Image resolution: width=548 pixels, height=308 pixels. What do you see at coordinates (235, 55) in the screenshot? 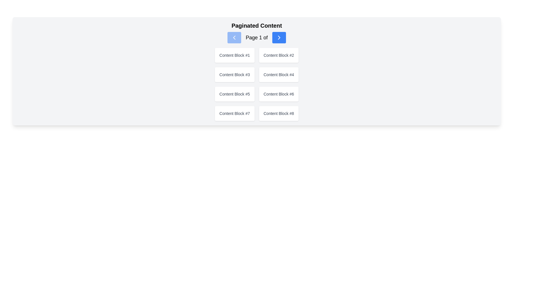
I see `text label displaying 'Content Block #1' located in the top-left corner of the grid under the 'Paginated Content' title` at bounding box center [235, 55].